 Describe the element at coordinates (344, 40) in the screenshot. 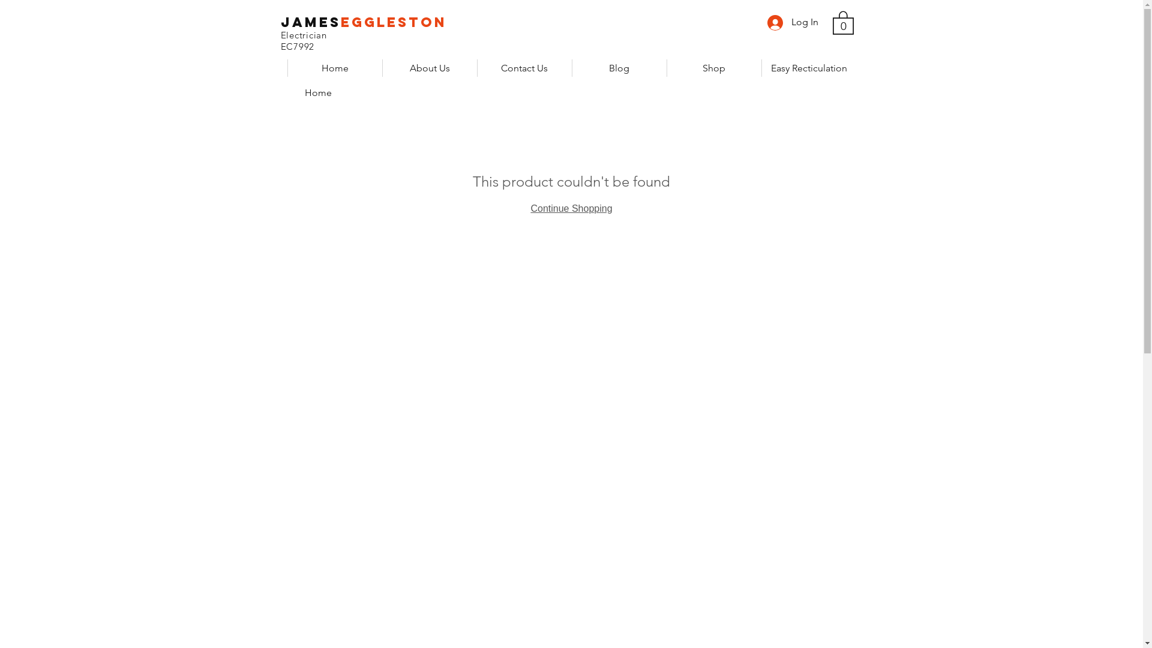

I see `'Electrician                              EC7992'` at that location.